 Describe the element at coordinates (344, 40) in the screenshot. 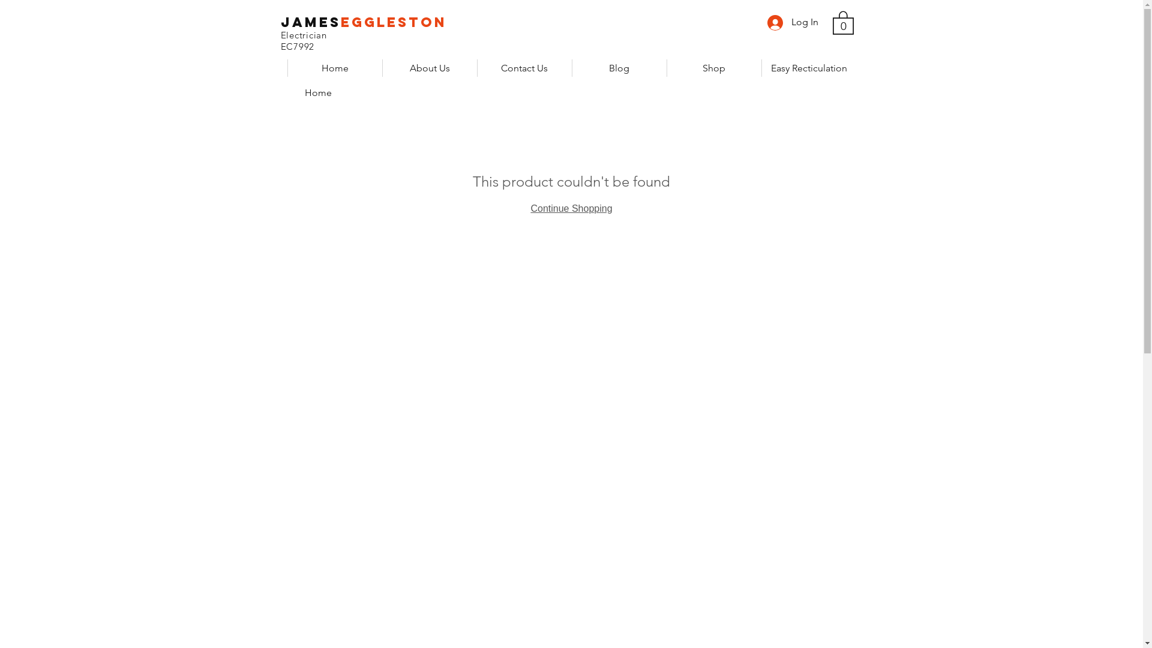

I see `'Electrician                              EC7992'` at that location.